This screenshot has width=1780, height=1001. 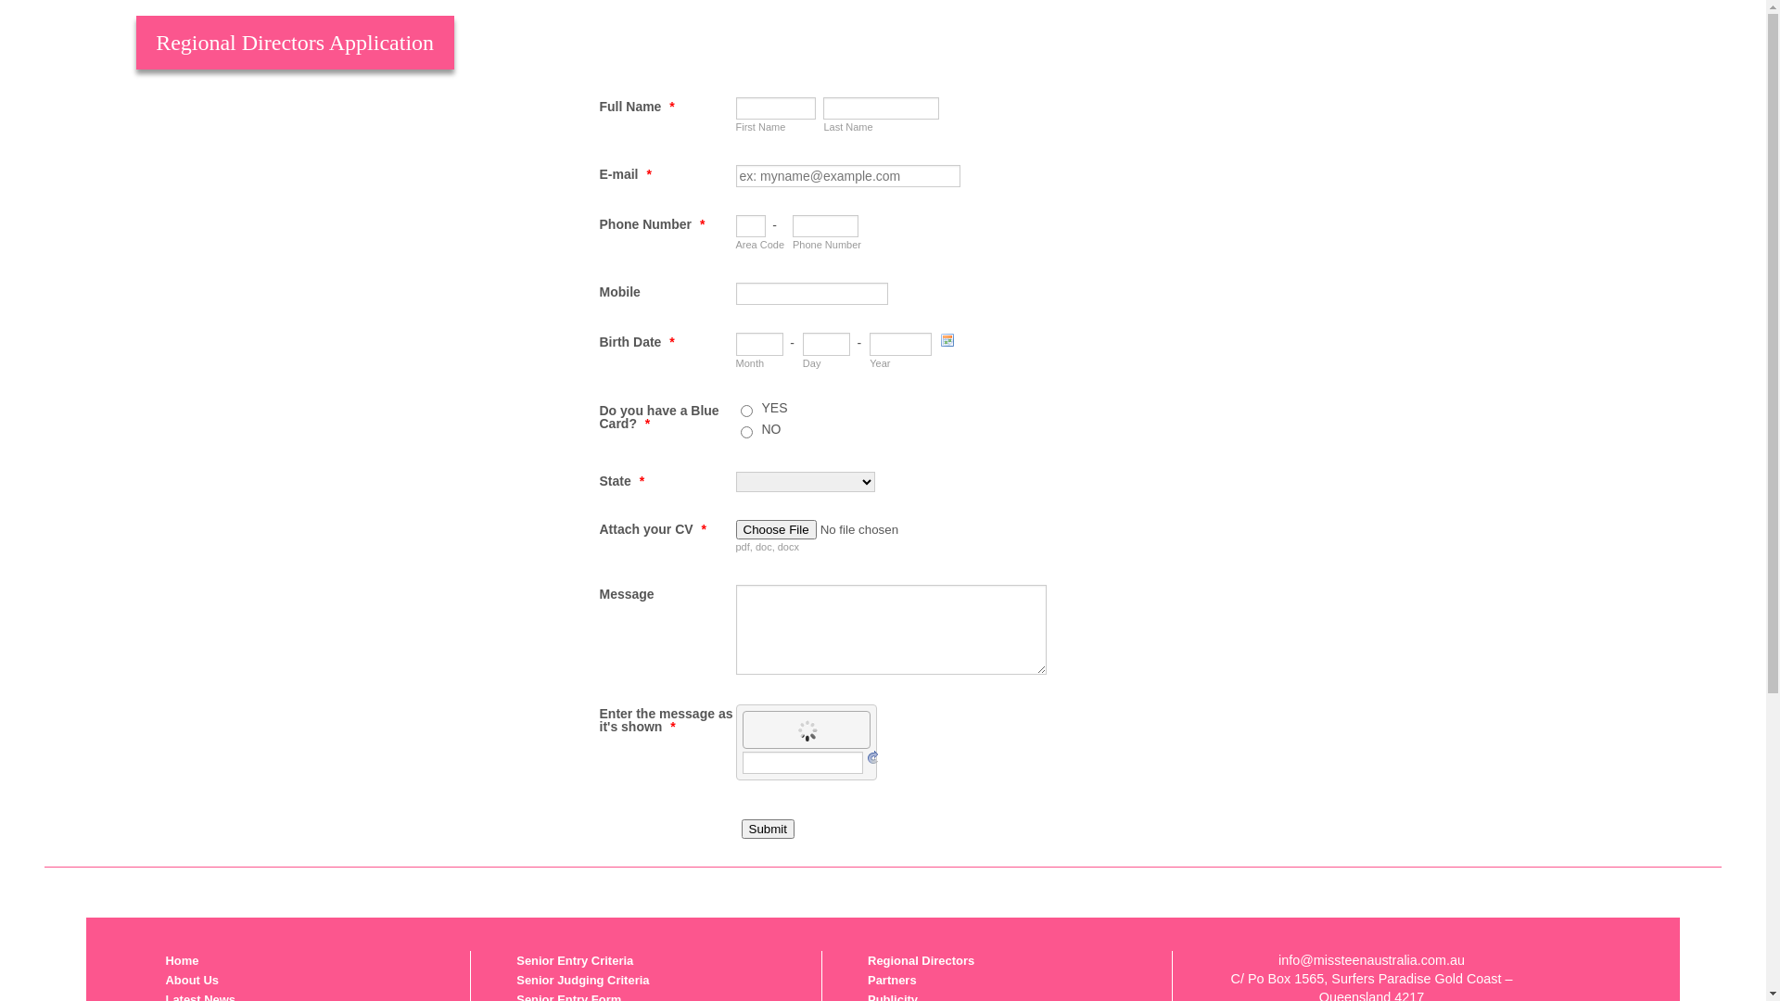 I want to click on 'Submit', so click(x=768, y=828).